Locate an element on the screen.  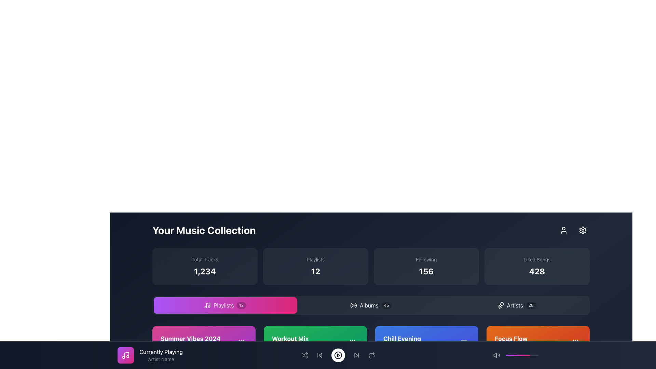
the circular settings button with a cogwheel icon located at the top-right corner of the interface is located at coordinates (582, 230).